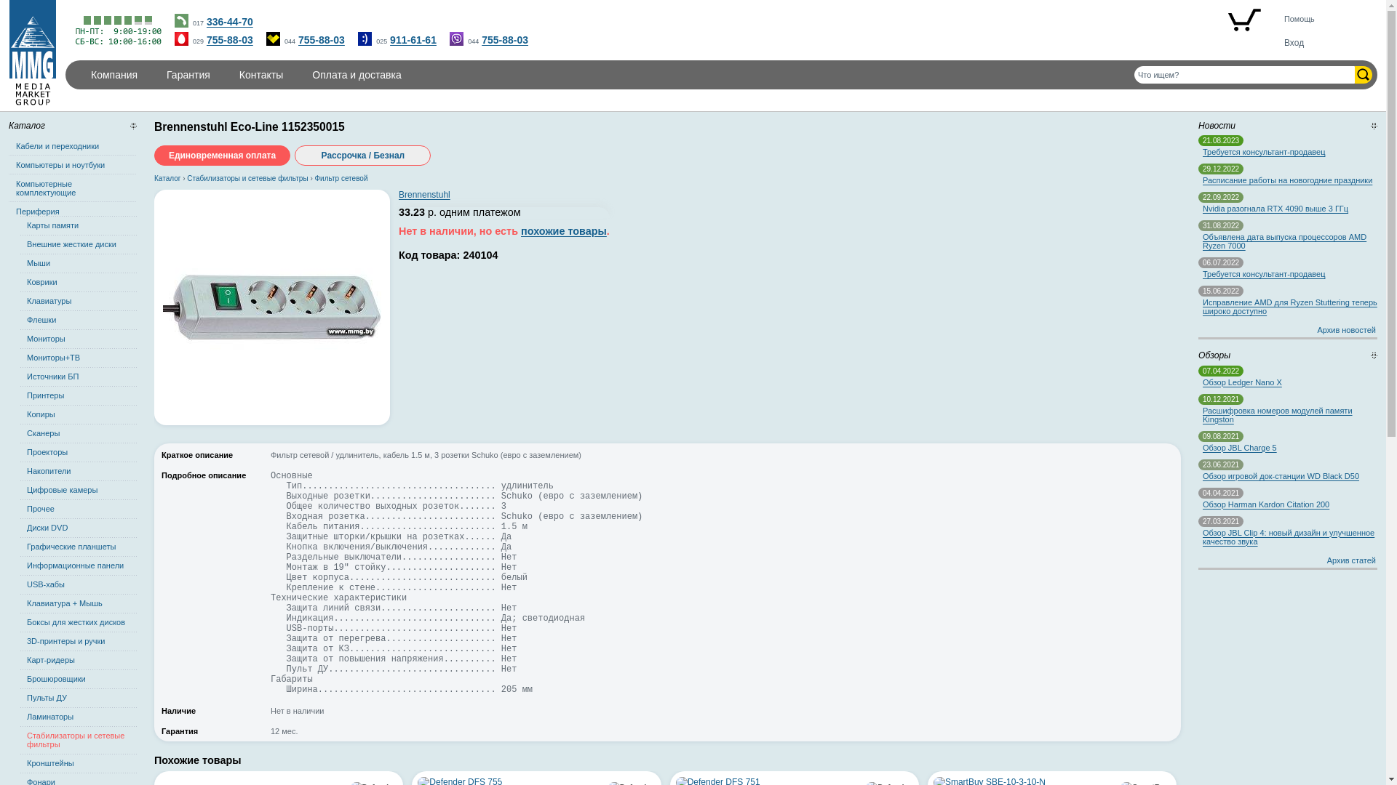 The height and width of the screenshot is (785, 1397). What do you see at coordinates (229, 39) in the screenshot?
I see `'755-88-03'` at bounding box center [229, 39].